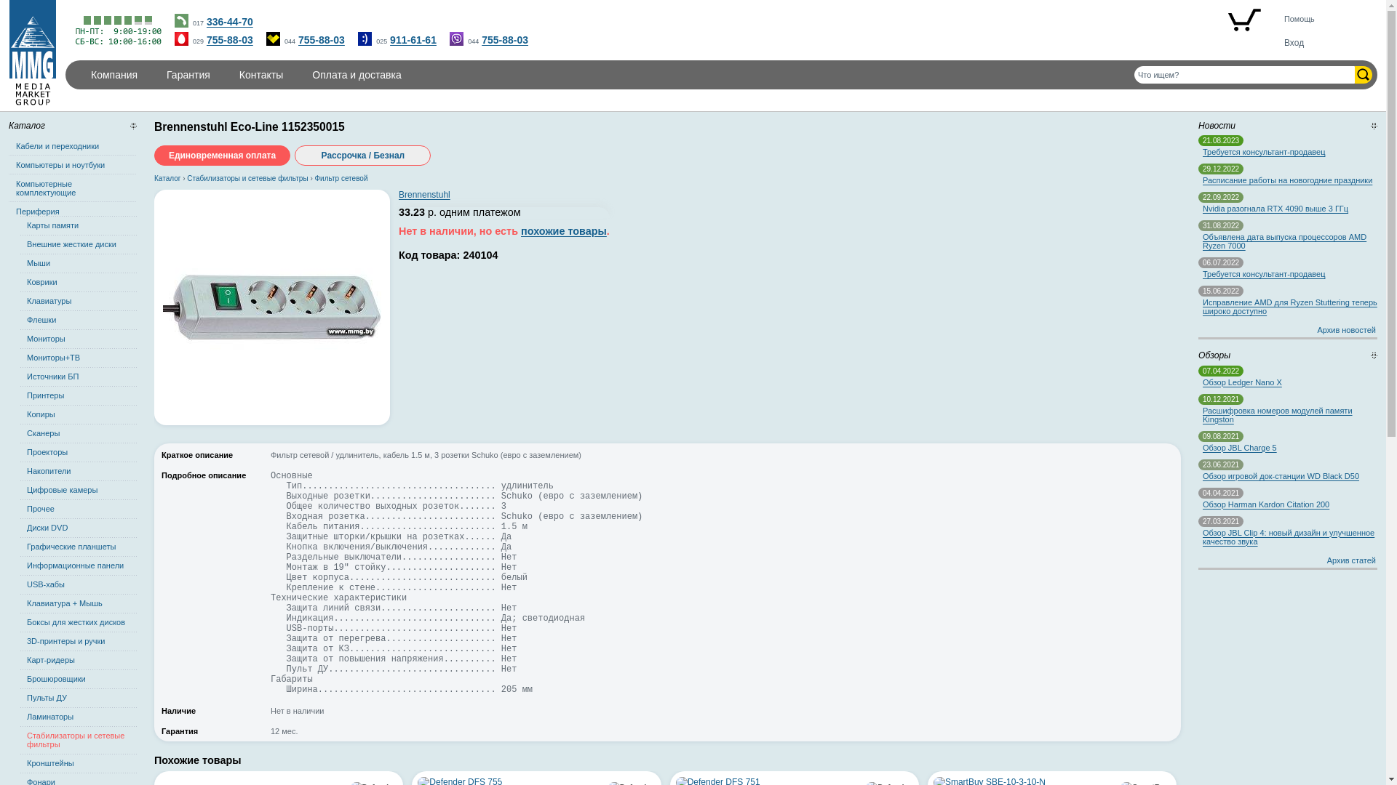 The height and width of the screenshot is (785, 1397). What do you see at coordinates (229, 39) in the screenshot?
I see `'755-88-03'` at bounding box center [229, 39].